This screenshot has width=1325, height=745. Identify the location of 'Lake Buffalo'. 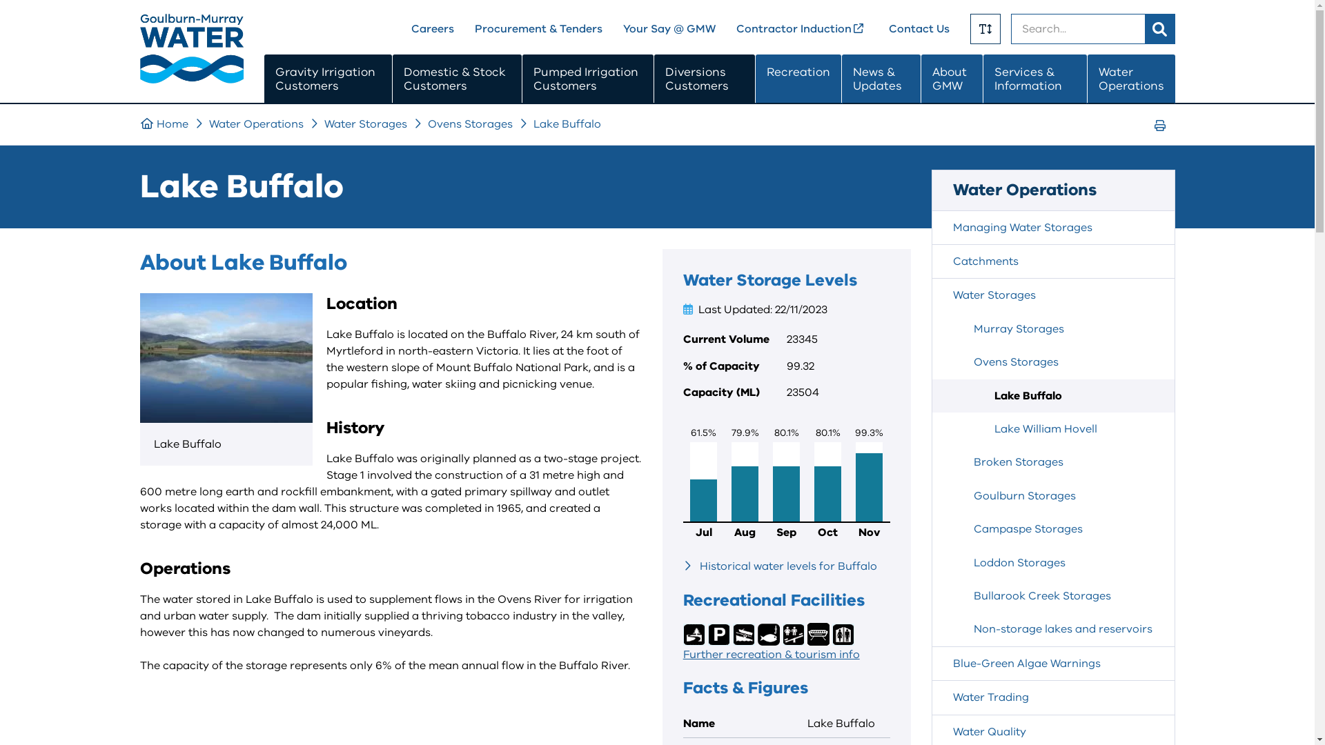
(1052, 396).